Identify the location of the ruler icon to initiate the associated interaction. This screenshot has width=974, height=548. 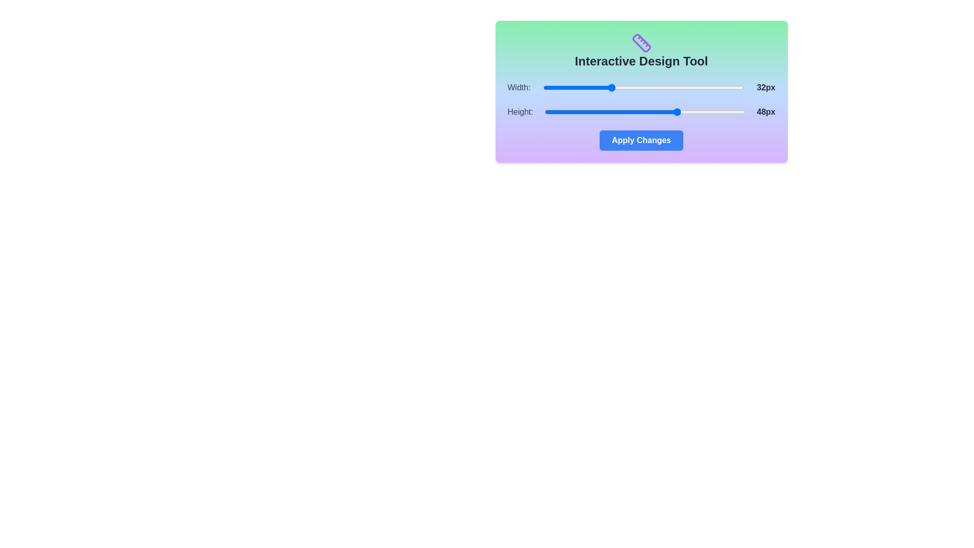
(641, 42).